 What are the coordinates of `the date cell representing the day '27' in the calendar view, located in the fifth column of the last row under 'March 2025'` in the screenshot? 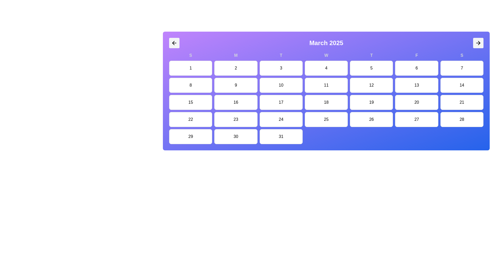 It's located at (417, 120).